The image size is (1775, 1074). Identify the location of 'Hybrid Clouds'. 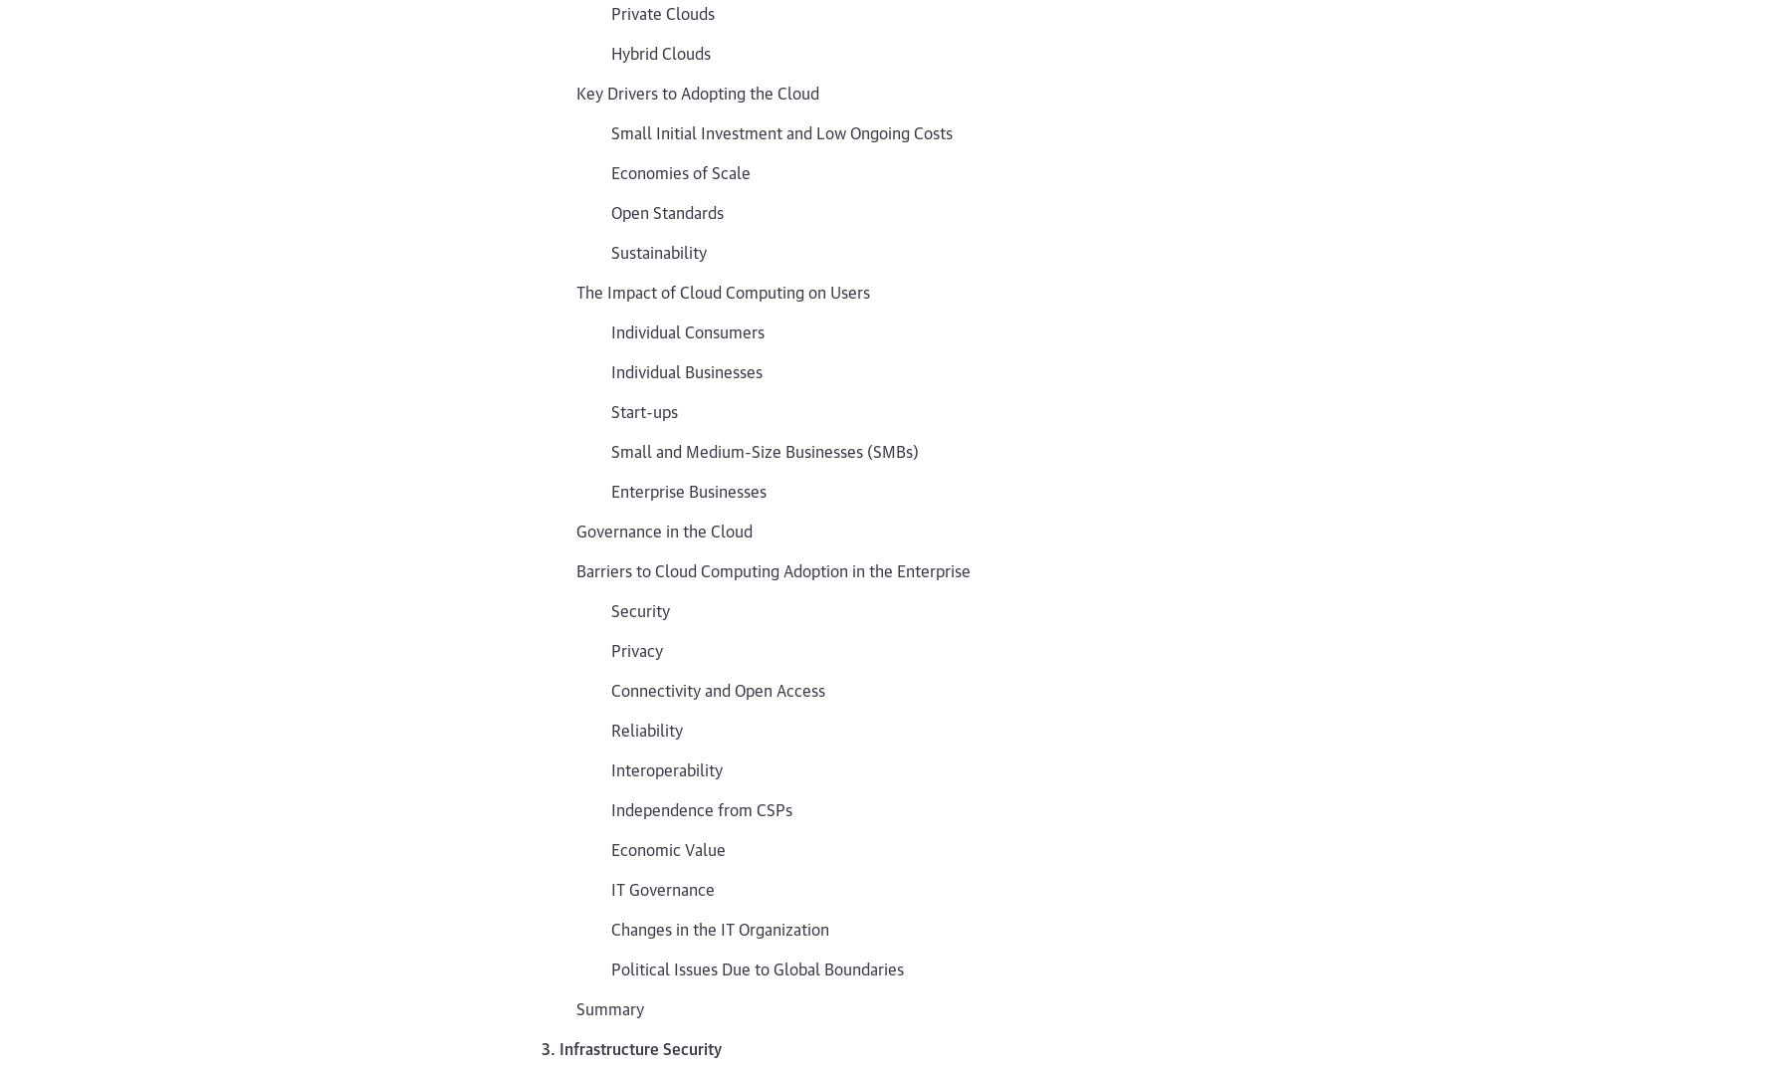
(660, 51).